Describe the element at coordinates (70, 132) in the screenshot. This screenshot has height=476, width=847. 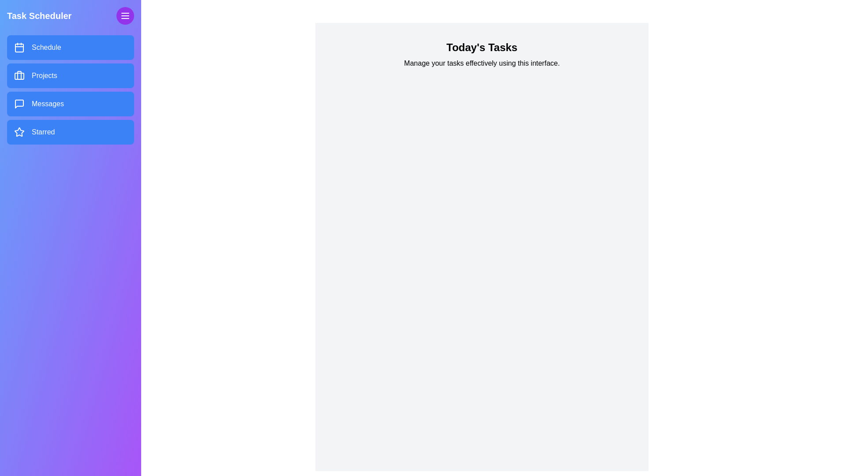
I see `the menu item labeled Starred` at that location.